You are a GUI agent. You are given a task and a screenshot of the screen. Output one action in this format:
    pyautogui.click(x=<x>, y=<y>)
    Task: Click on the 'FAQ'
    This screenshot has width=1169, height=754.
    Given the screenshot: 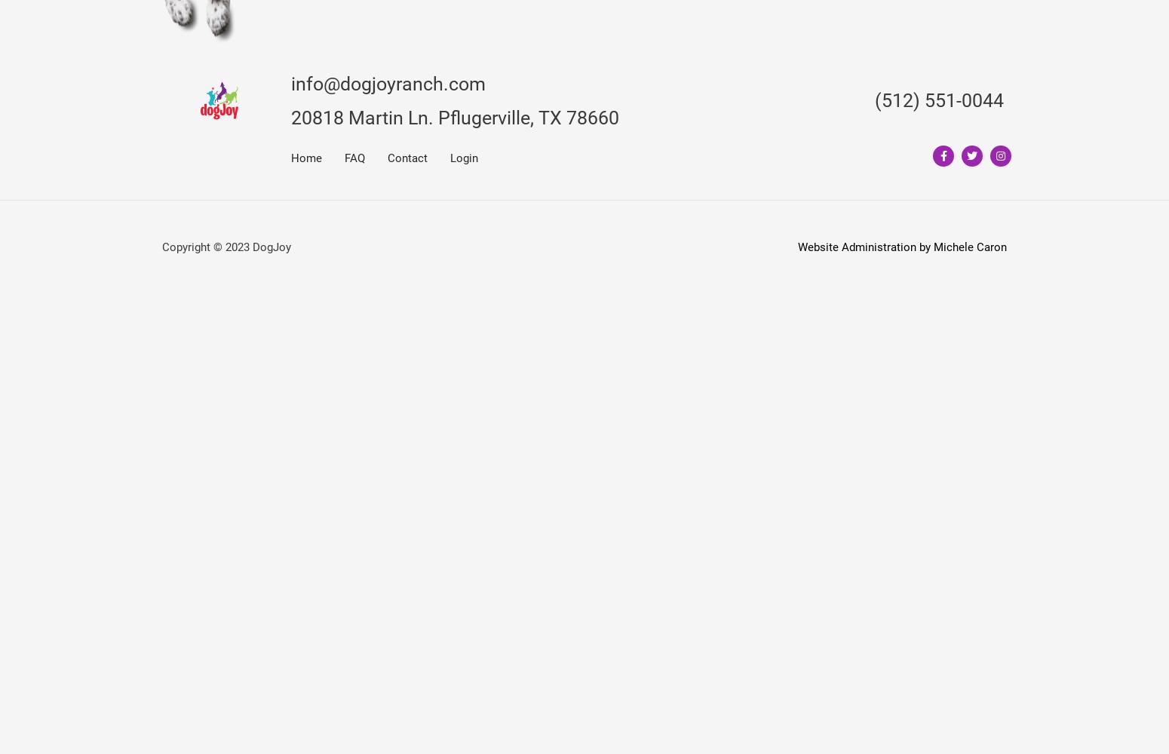 What is the action you would take?
    pyautogui.click(x=354, y=157)
    